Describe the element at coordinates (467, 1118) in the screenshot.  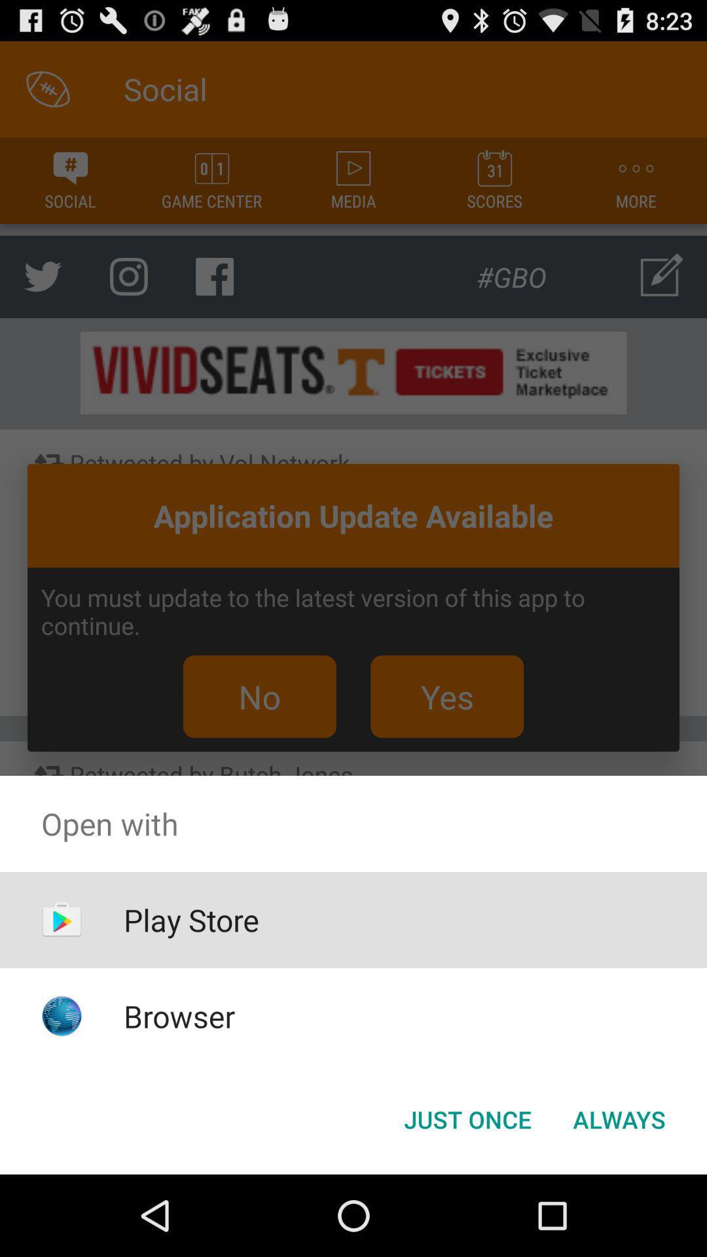
I see `button next to always item` at that location.